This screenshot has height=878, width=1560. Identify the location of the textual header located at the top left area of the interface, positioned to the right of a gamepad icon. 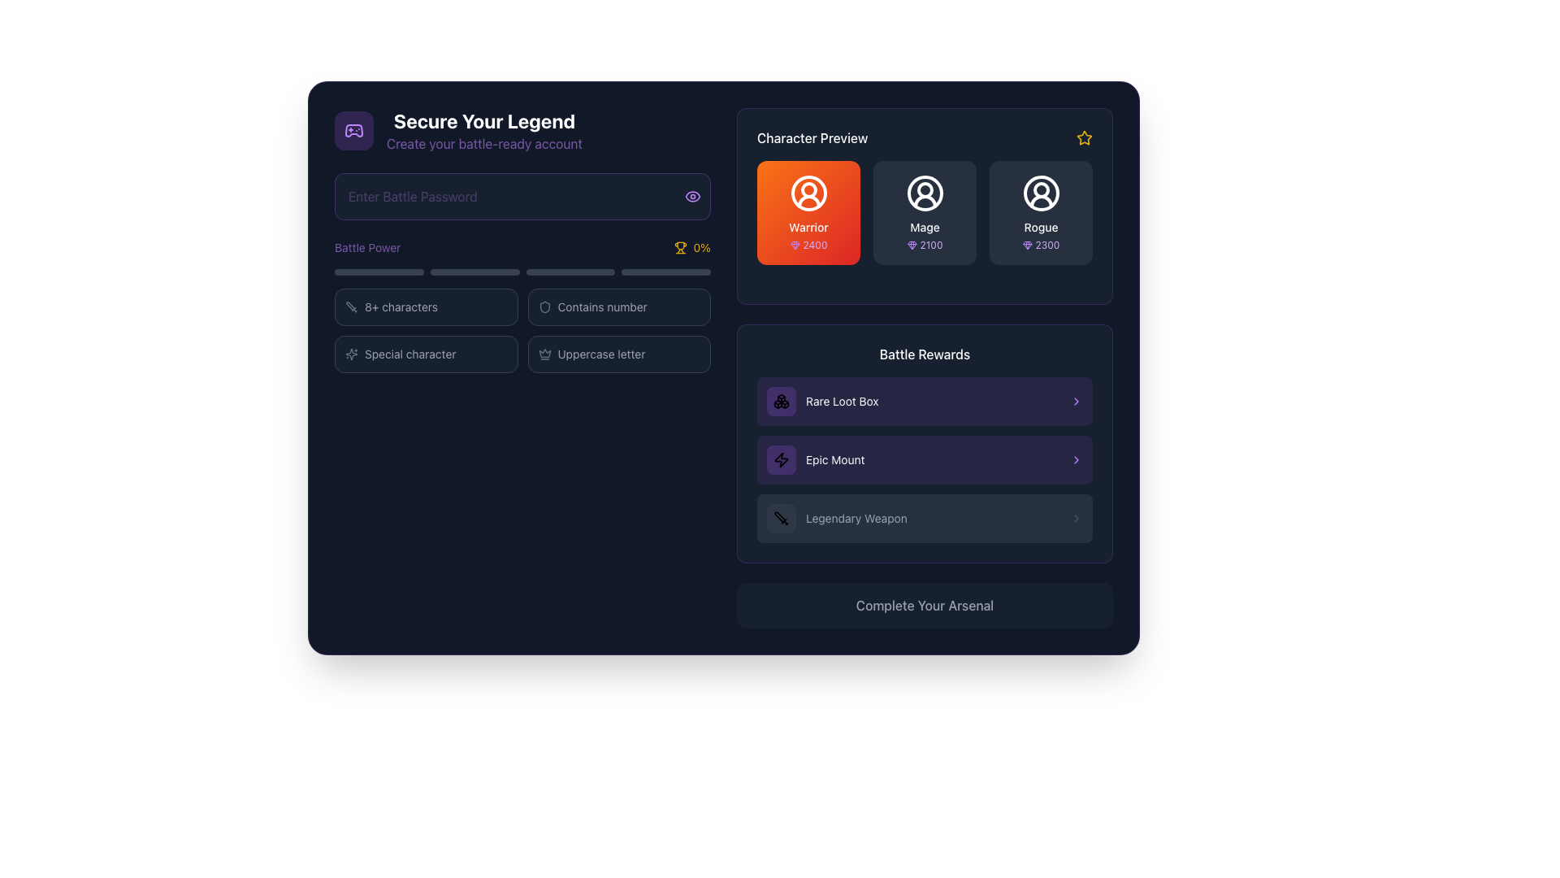
(483, 130).